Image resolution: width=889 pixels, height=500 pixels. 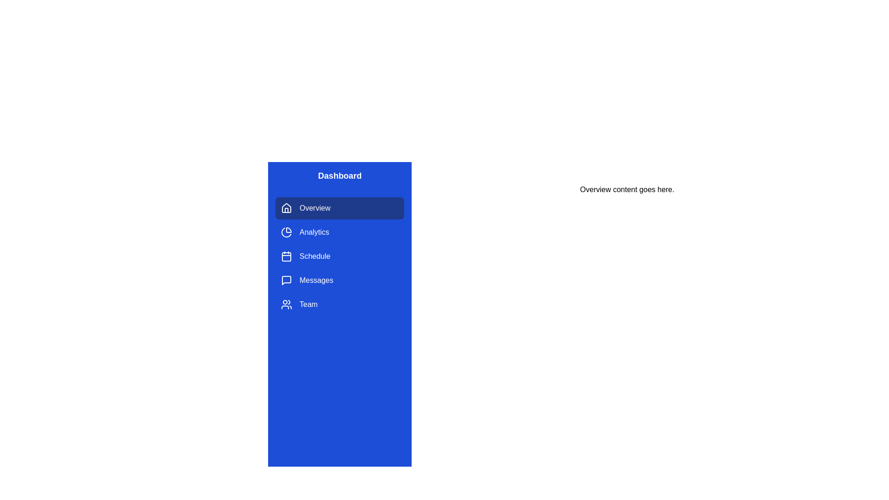 I want to click on the calendar icon in the sidebar menu, so click(x=286, y=256).